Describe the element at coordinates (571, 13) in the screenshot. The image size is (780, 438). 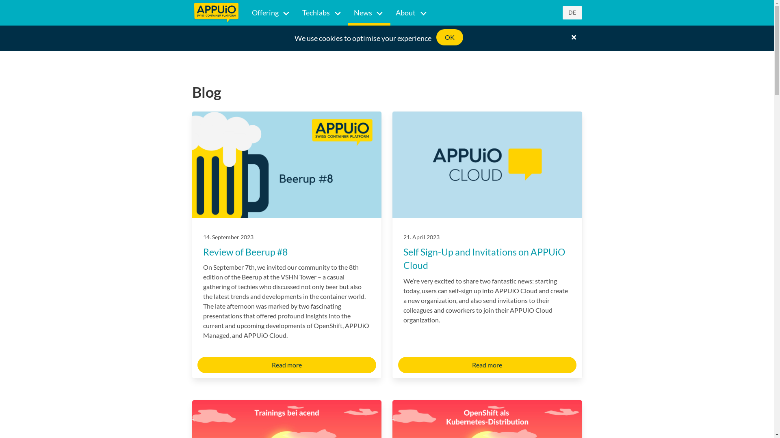
I see `'DE'` at that location.